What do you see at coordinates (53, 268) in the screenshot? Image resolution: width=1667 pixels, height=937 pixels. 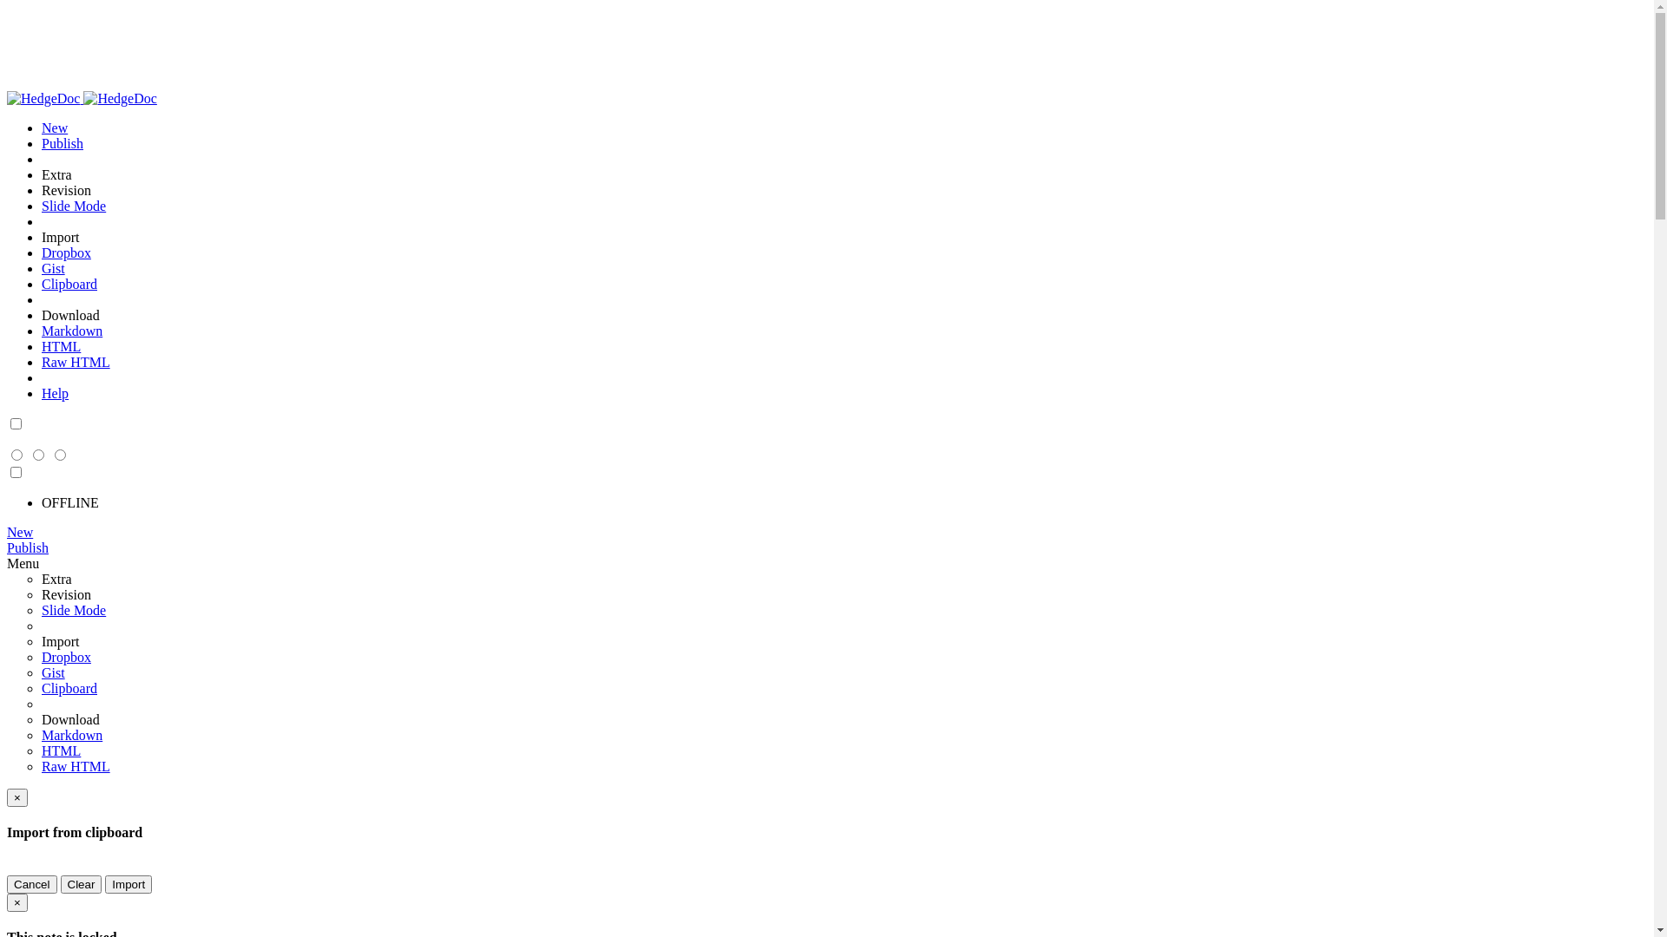 I see `'Gist'` at bounding box center [53, 268].